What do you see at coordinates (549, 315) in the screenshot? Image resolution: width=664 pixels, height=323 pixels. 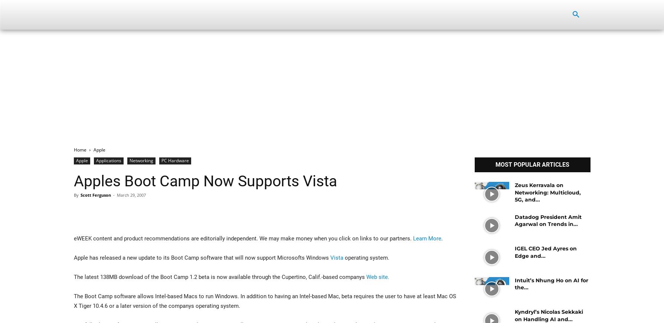 I see `'Kyndryl’s Nicolas Sekkaki on Handling AI and...'` at bounding box center [549, 315].